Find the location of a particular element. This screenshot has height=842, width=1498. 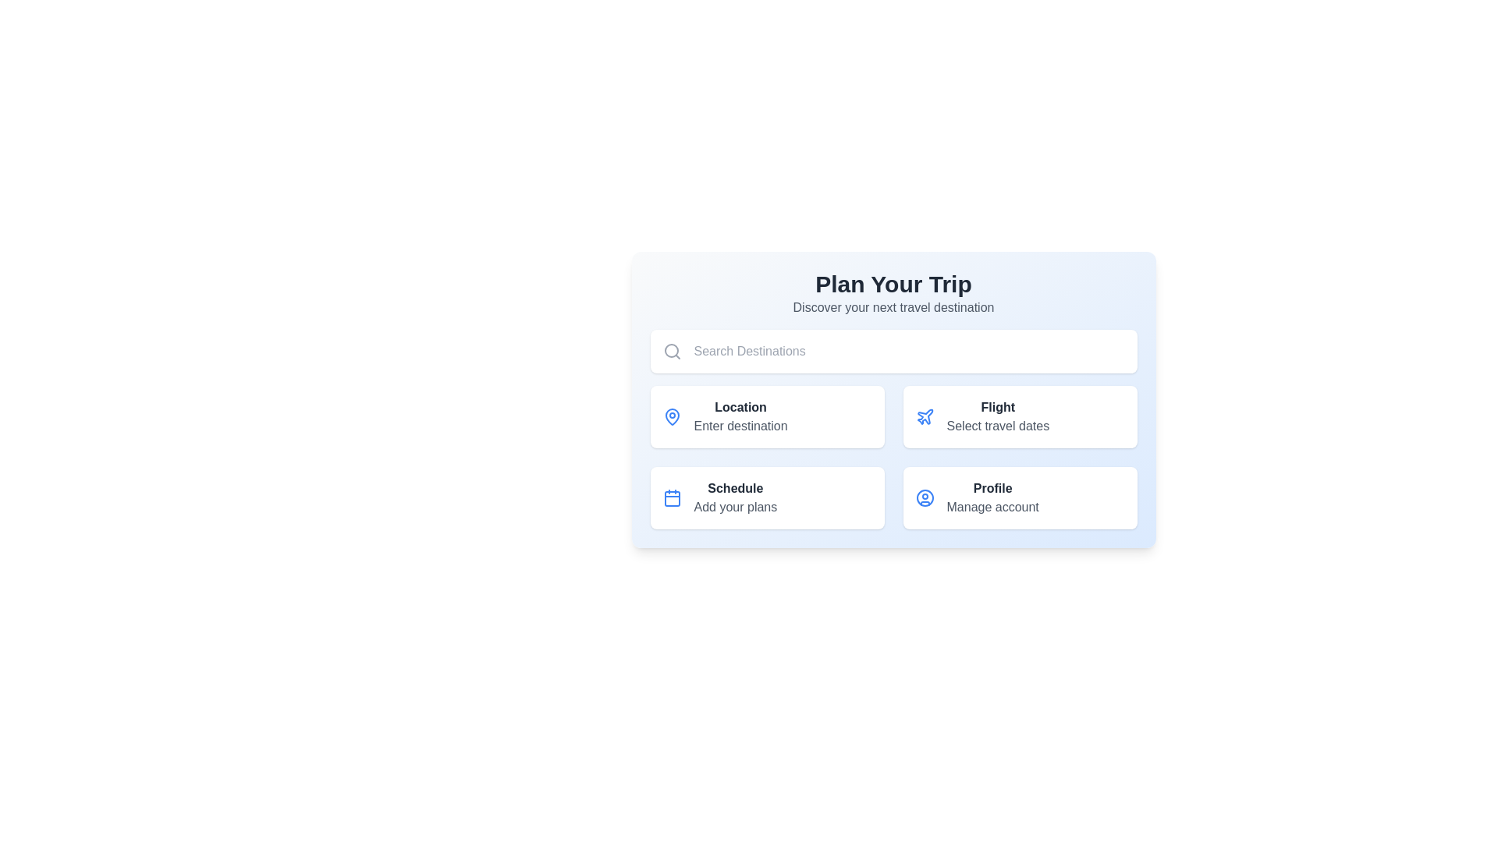

the blue map pin icon located to the left of the 'Location' label in the 'Location' card is located at coordinates (672, 416).